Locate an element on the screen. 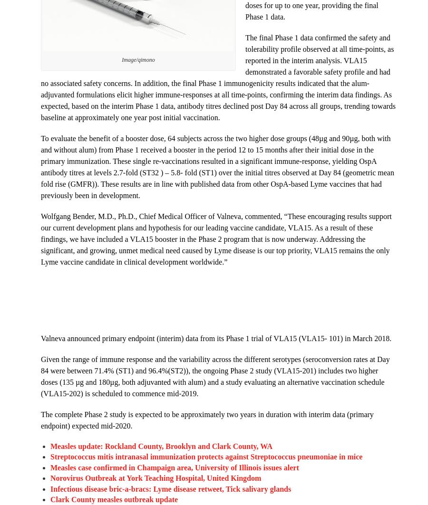  'Measles case confirmed in Champaign area, University of Illinois issues alert' is located at coordinates (50, 467).